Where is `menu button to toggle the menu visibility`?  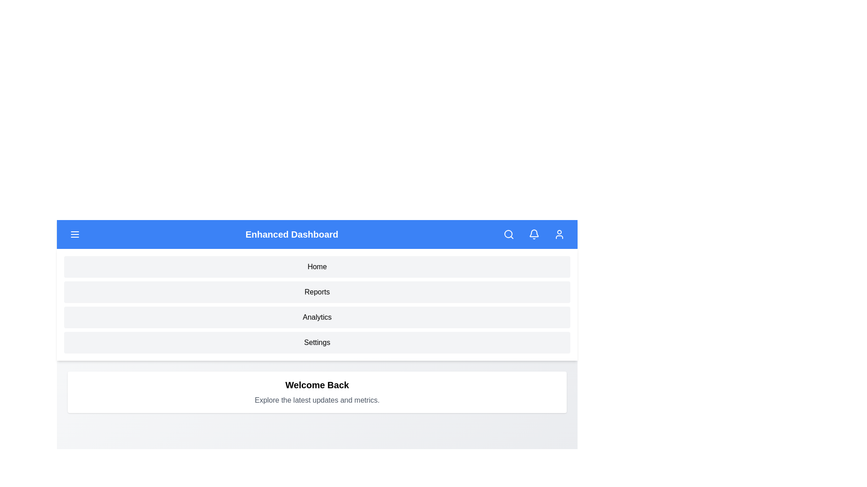 menu button to toggle the menu visibility is located at coordinates (75, 234).